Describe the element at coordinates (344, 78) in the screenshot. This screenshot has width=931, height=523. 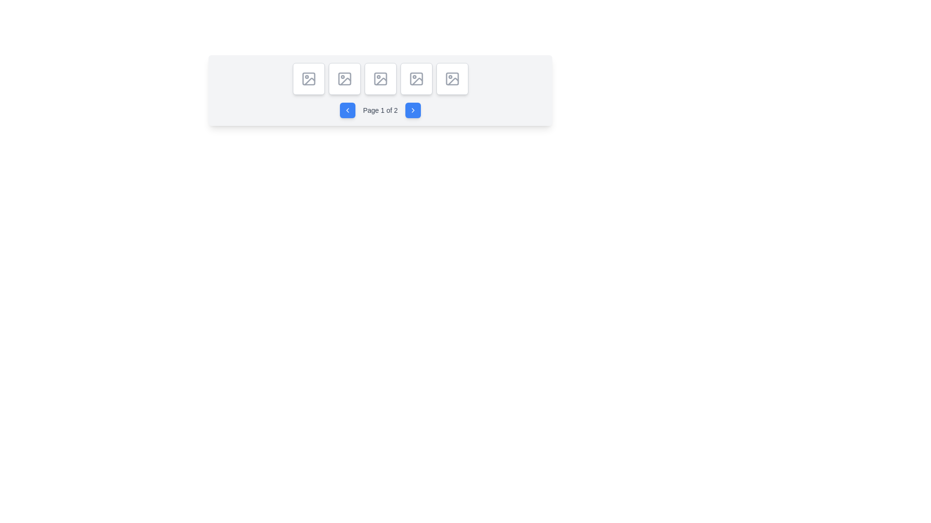
I see `the third icon from the left in a horizontal row of five image icons, which likely represents an image-related action, located within a white box with rounded corners` at that location.